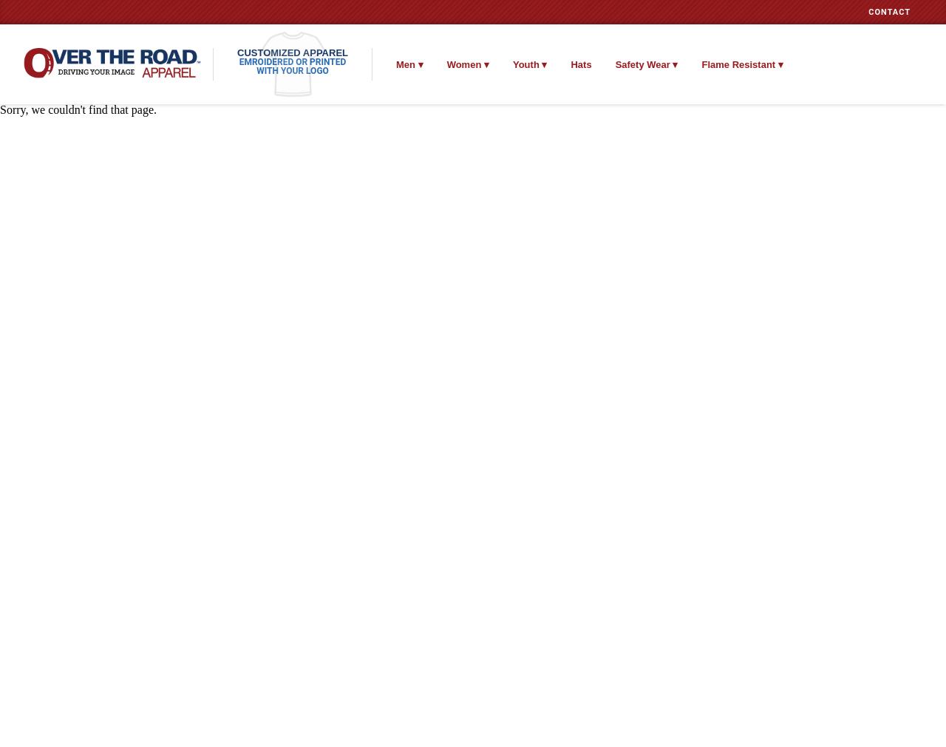 This screenshot has height=747, width=946. What do you see at coordinates (256, 70) in the screenshot?
I see `'with your logo'` at bounding box center [256, 70].